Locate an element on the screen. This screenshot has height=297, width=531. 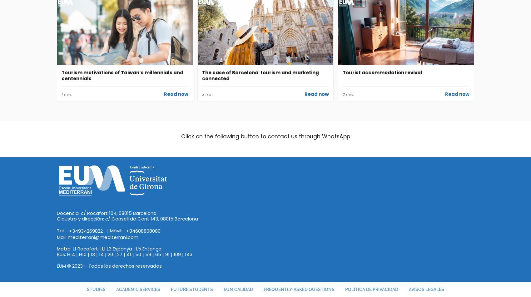
'Tourism motivations of Taiwan’s millennials and centennials' is located at coordinates (122, 75).